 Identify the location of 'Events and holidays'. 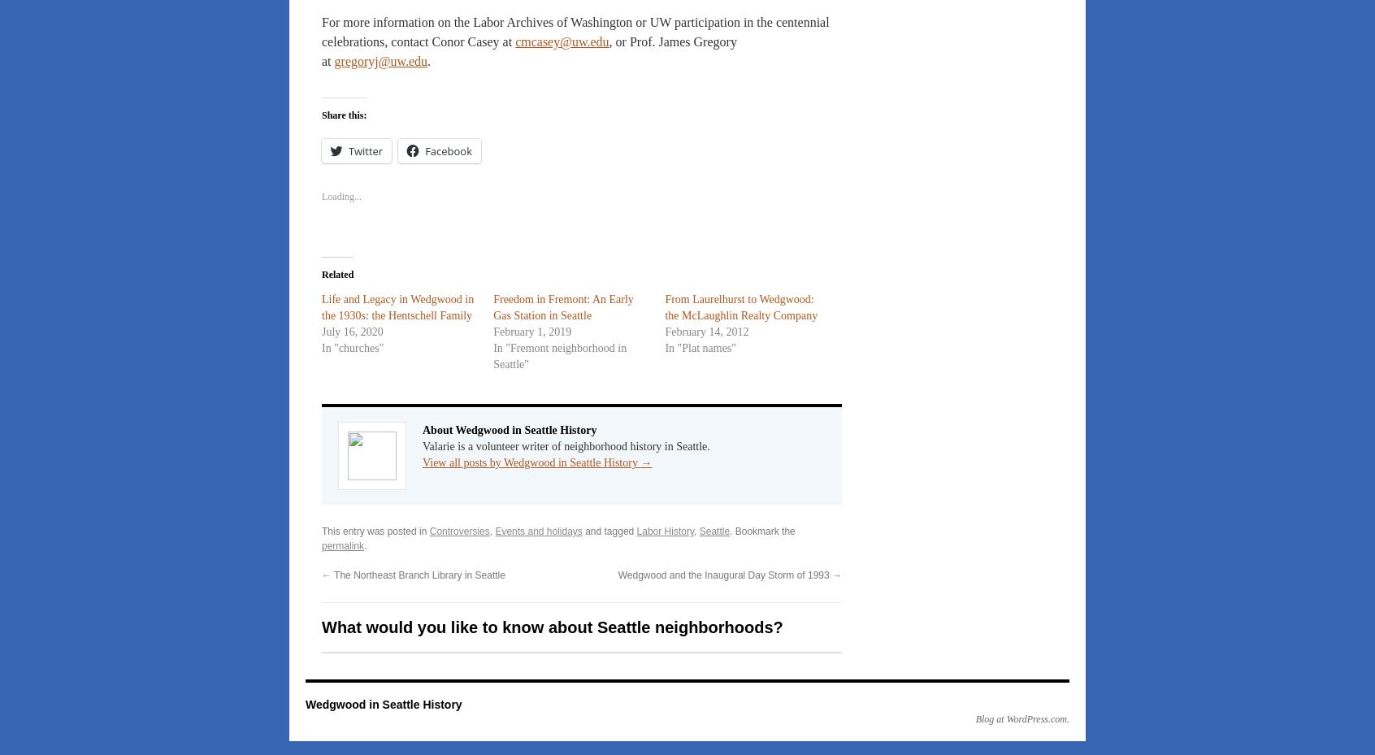
(538, 532).